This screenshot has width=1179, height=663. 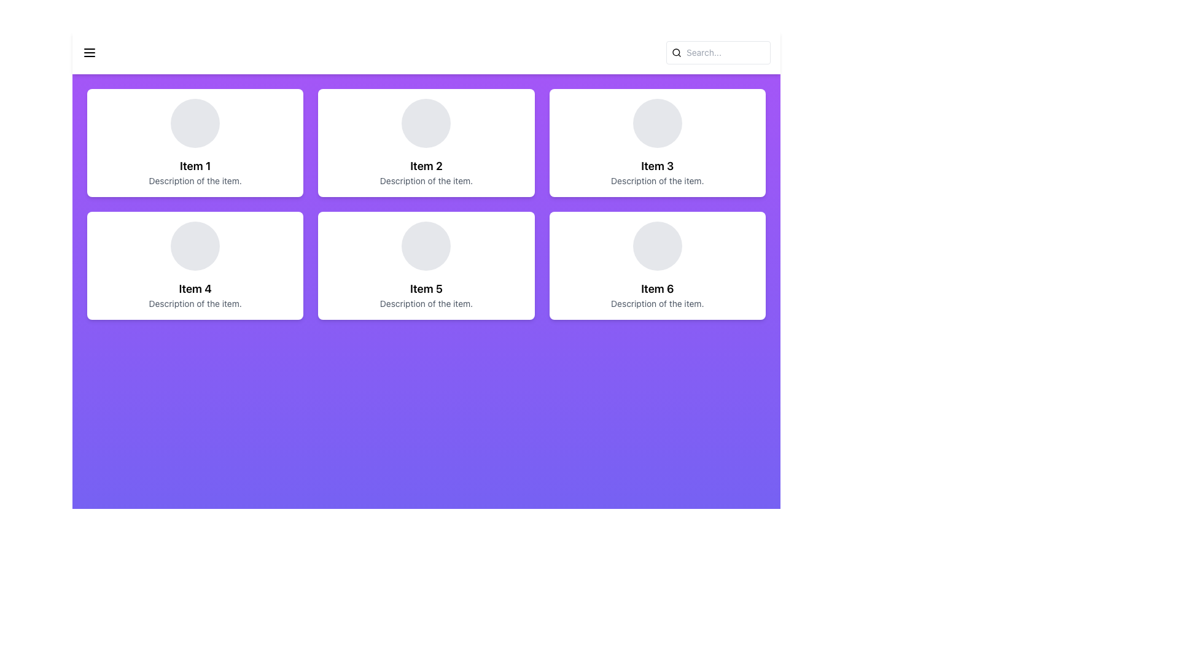 What do you see at coordinates (195, 142) in the screenshot?
I see `the first card in the grid layout located at the top-left corner, which contains a title, subtitle, and an image placeholder` at bounding box center [195, 142].